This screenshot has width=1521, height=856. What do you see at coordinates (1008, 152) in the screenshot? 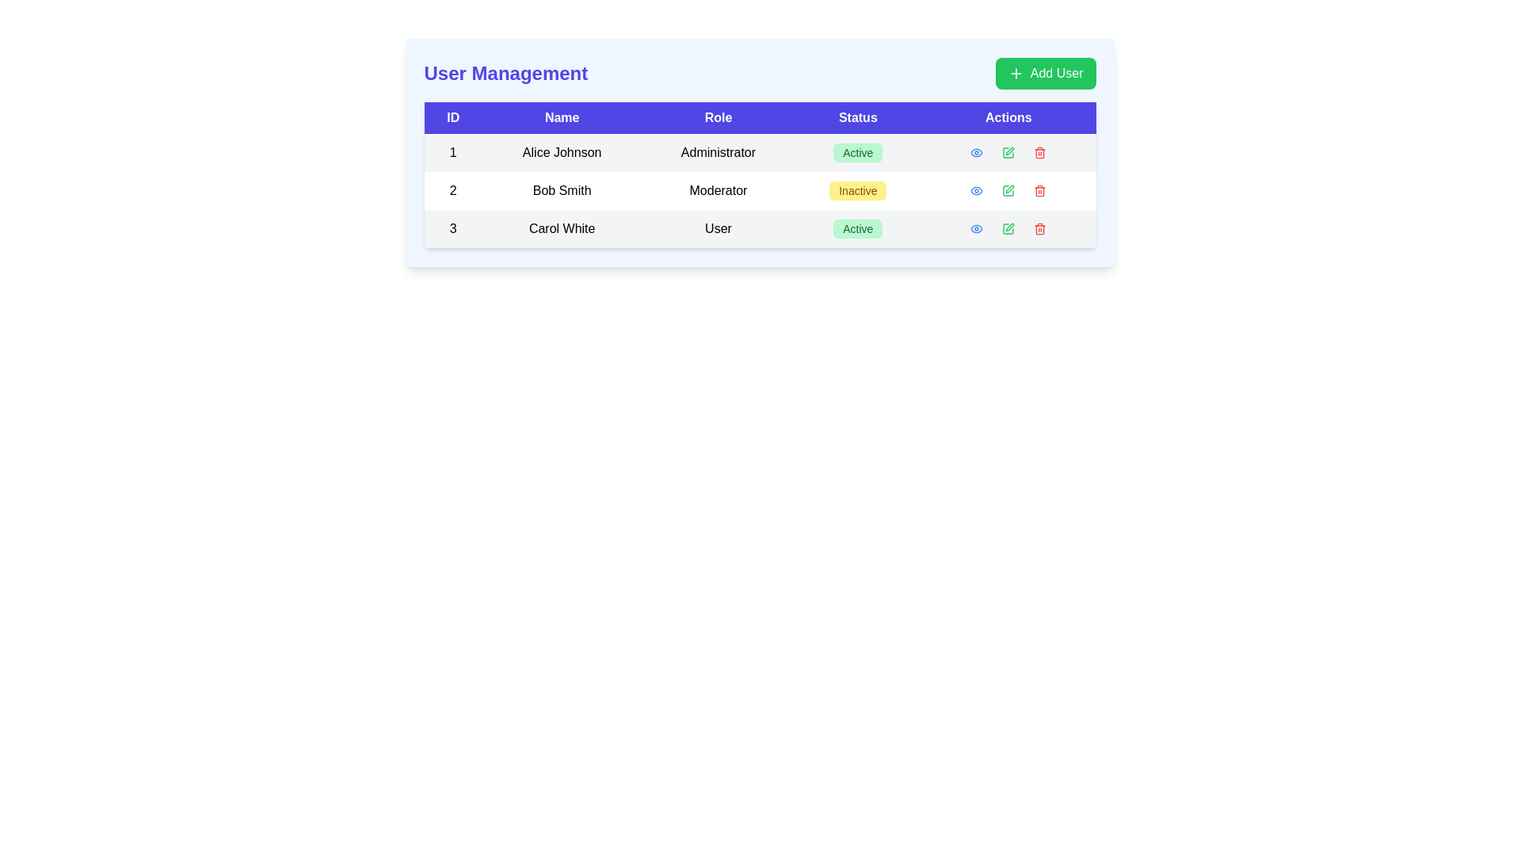
I see `the edit icon button located in the 'Actions' column next to user 'Alice Johnson'` at bounding box center [1008, 152].